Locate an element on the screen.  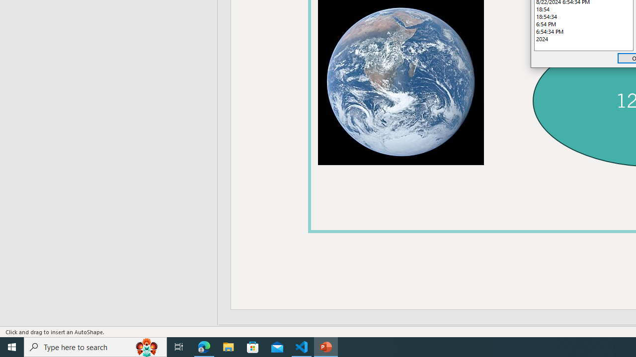
'18:54:34' is located at coordinates (584, 16).